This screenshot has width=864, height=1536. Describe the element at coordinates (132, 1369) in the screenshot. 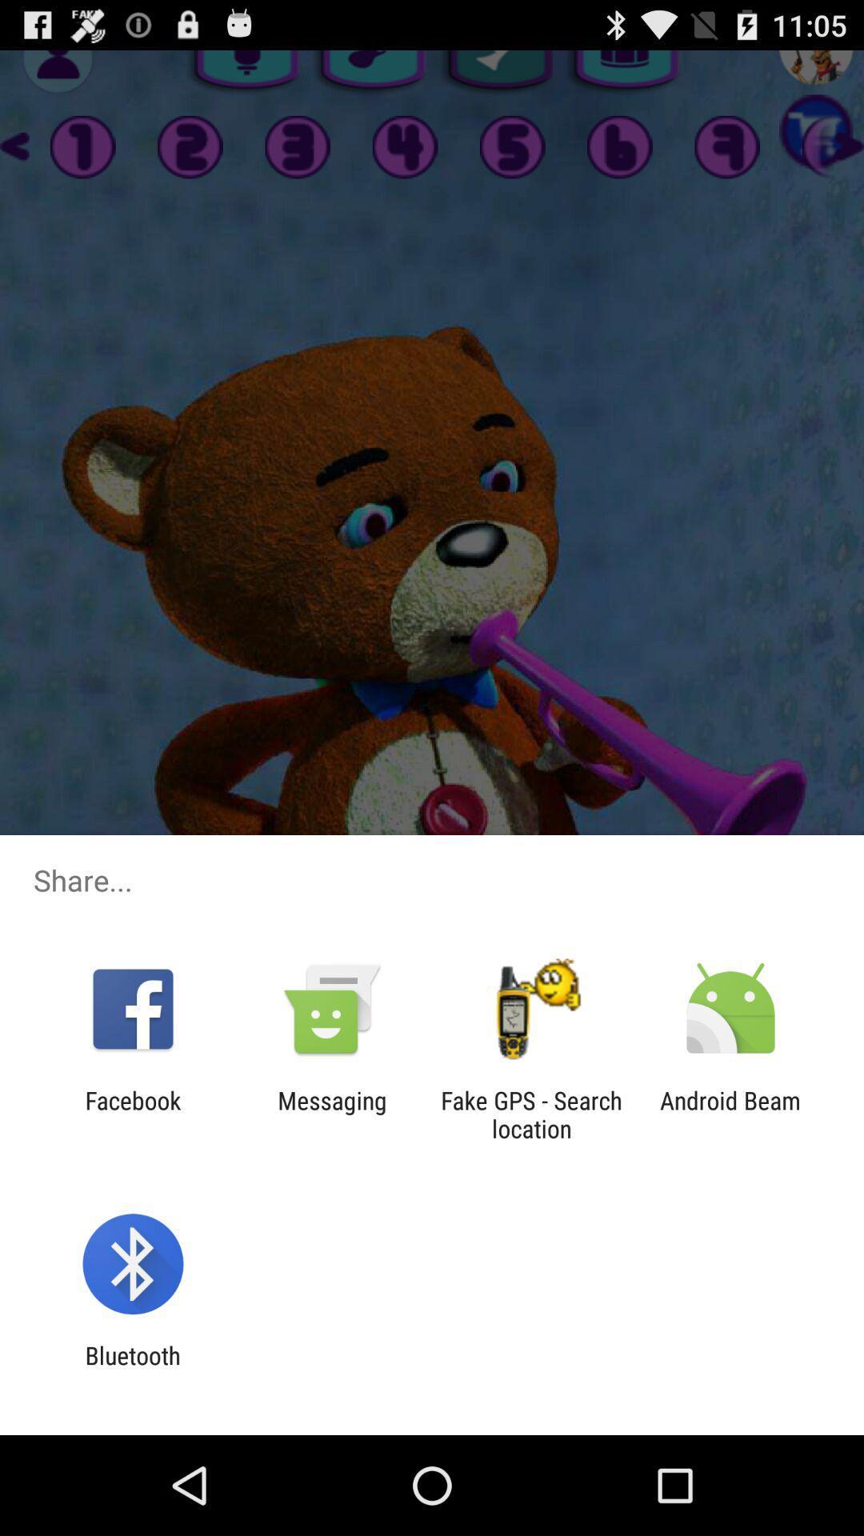

I see `the bluetooth` at that location.